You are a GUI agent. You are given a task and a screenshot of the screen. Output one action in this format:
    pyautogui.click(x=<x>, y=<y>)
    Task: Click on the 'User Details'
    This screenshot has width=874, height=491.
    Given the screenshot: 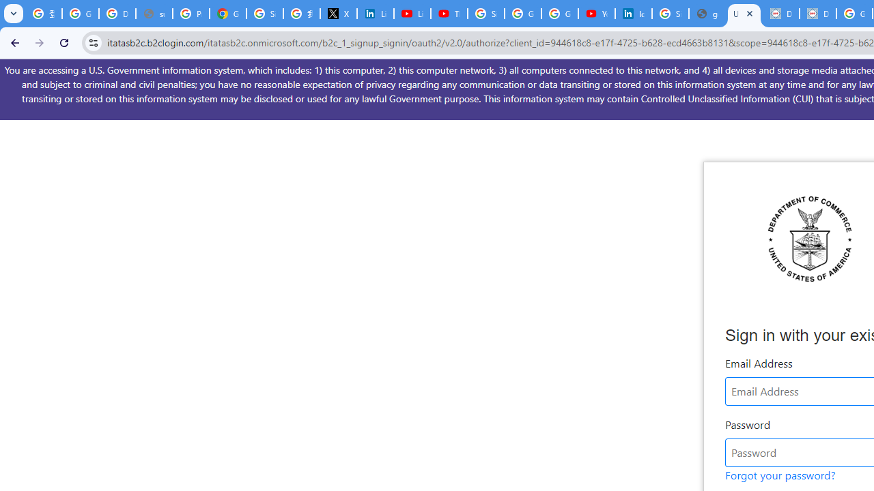 What is the action you would take?
    pyautogui.click(x=743, y=14)
    